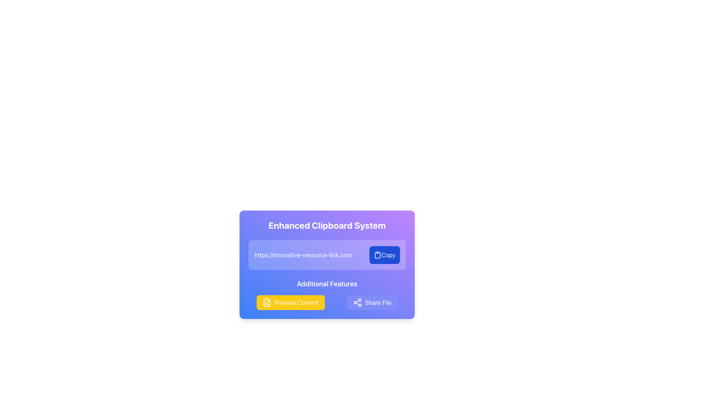  Describe the element at coordinates (378, 254) in the screenshot. I see `the clipboard icon within the blue 'Copy' button, which is located to the right of the displayed hyperlink` at that location.